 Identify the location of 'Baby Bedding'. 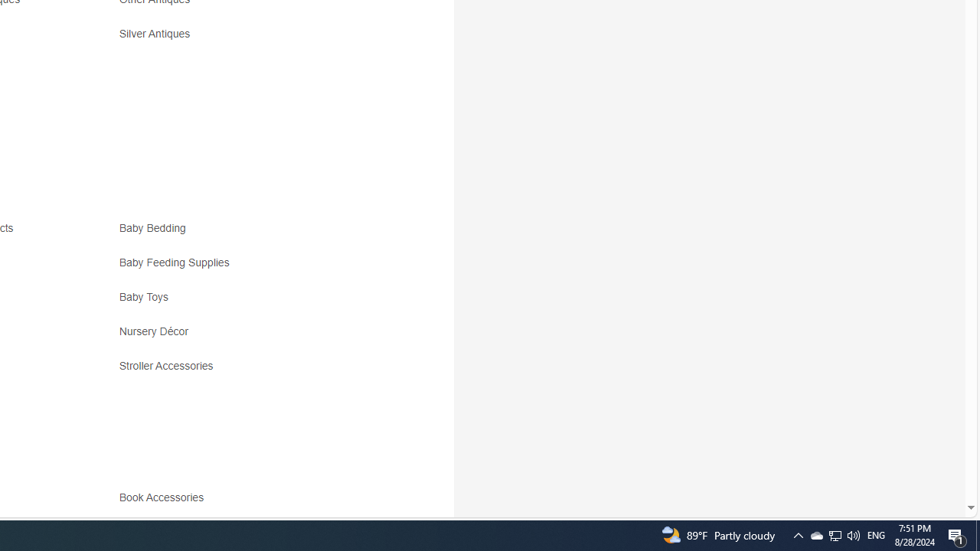
(254, 233).